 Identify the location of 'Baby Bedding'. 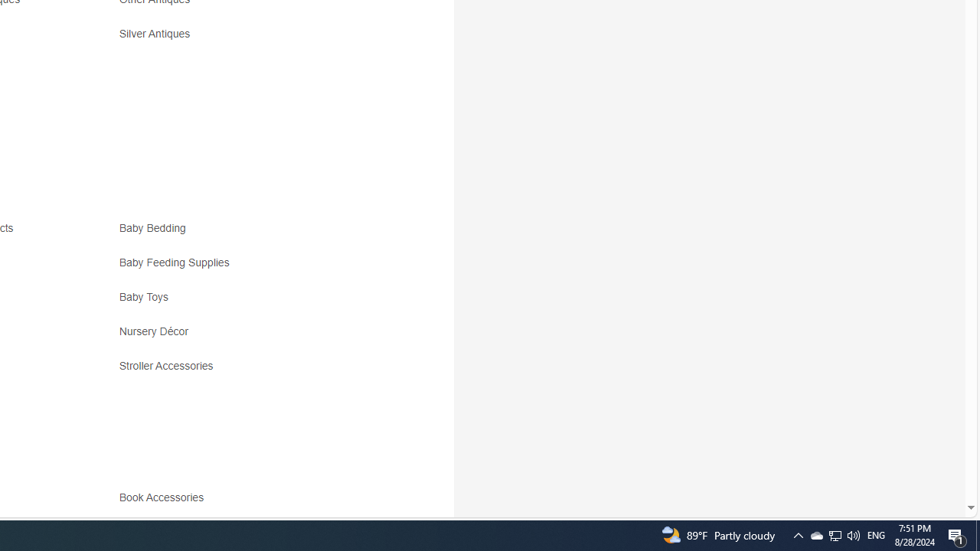
(254, 233).